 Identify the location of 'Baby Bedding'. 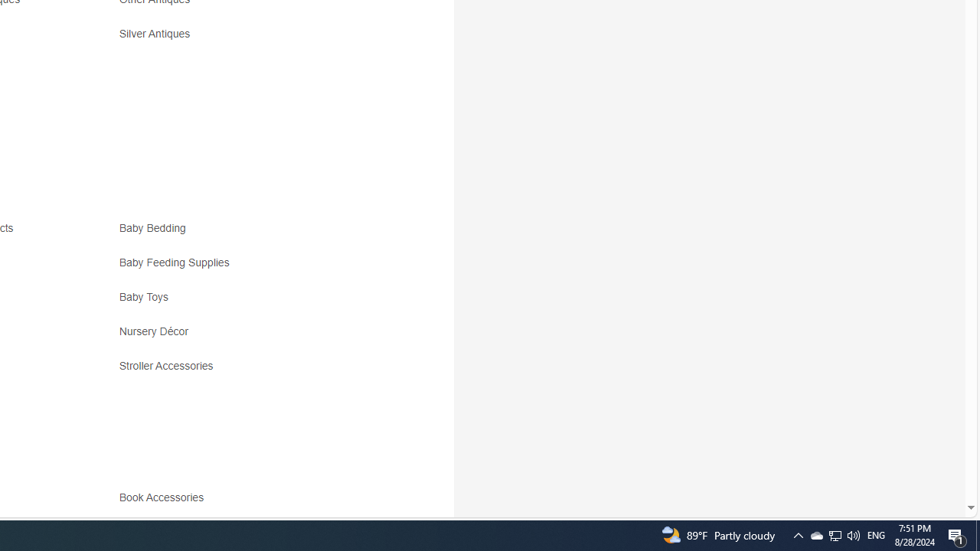
(254, 233).